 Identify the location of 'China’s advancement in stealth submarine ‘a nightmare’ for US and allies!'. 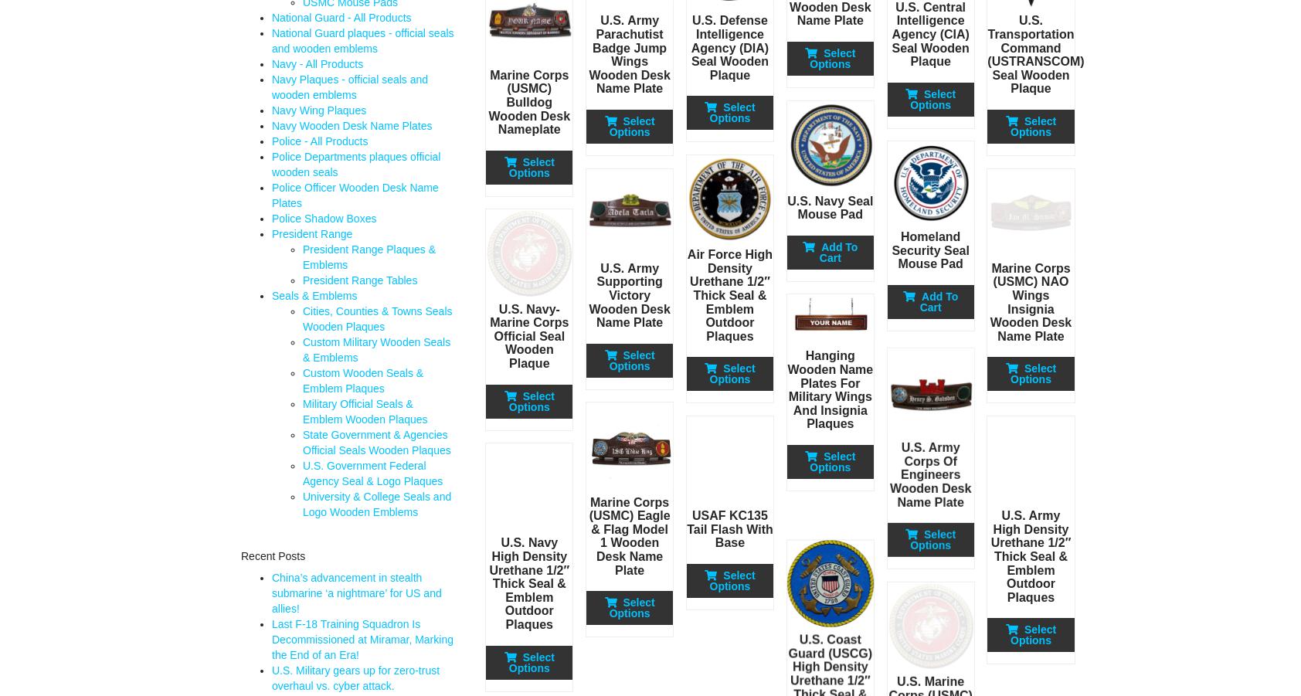
(355, 592).